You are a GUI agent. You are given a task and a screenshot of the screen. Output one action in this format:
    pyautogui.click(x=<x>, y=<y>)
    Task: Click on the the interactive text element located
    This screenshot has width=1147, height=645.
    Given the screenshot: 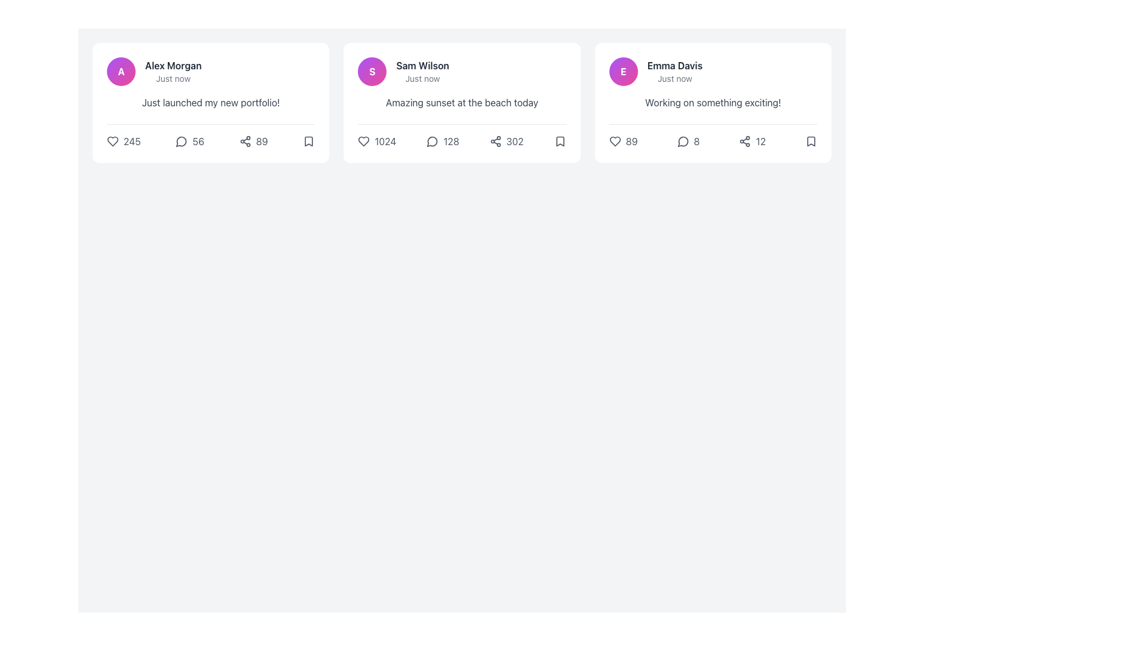 What is the action you would take?
    pyautogui.click(x=688, y=140)
    